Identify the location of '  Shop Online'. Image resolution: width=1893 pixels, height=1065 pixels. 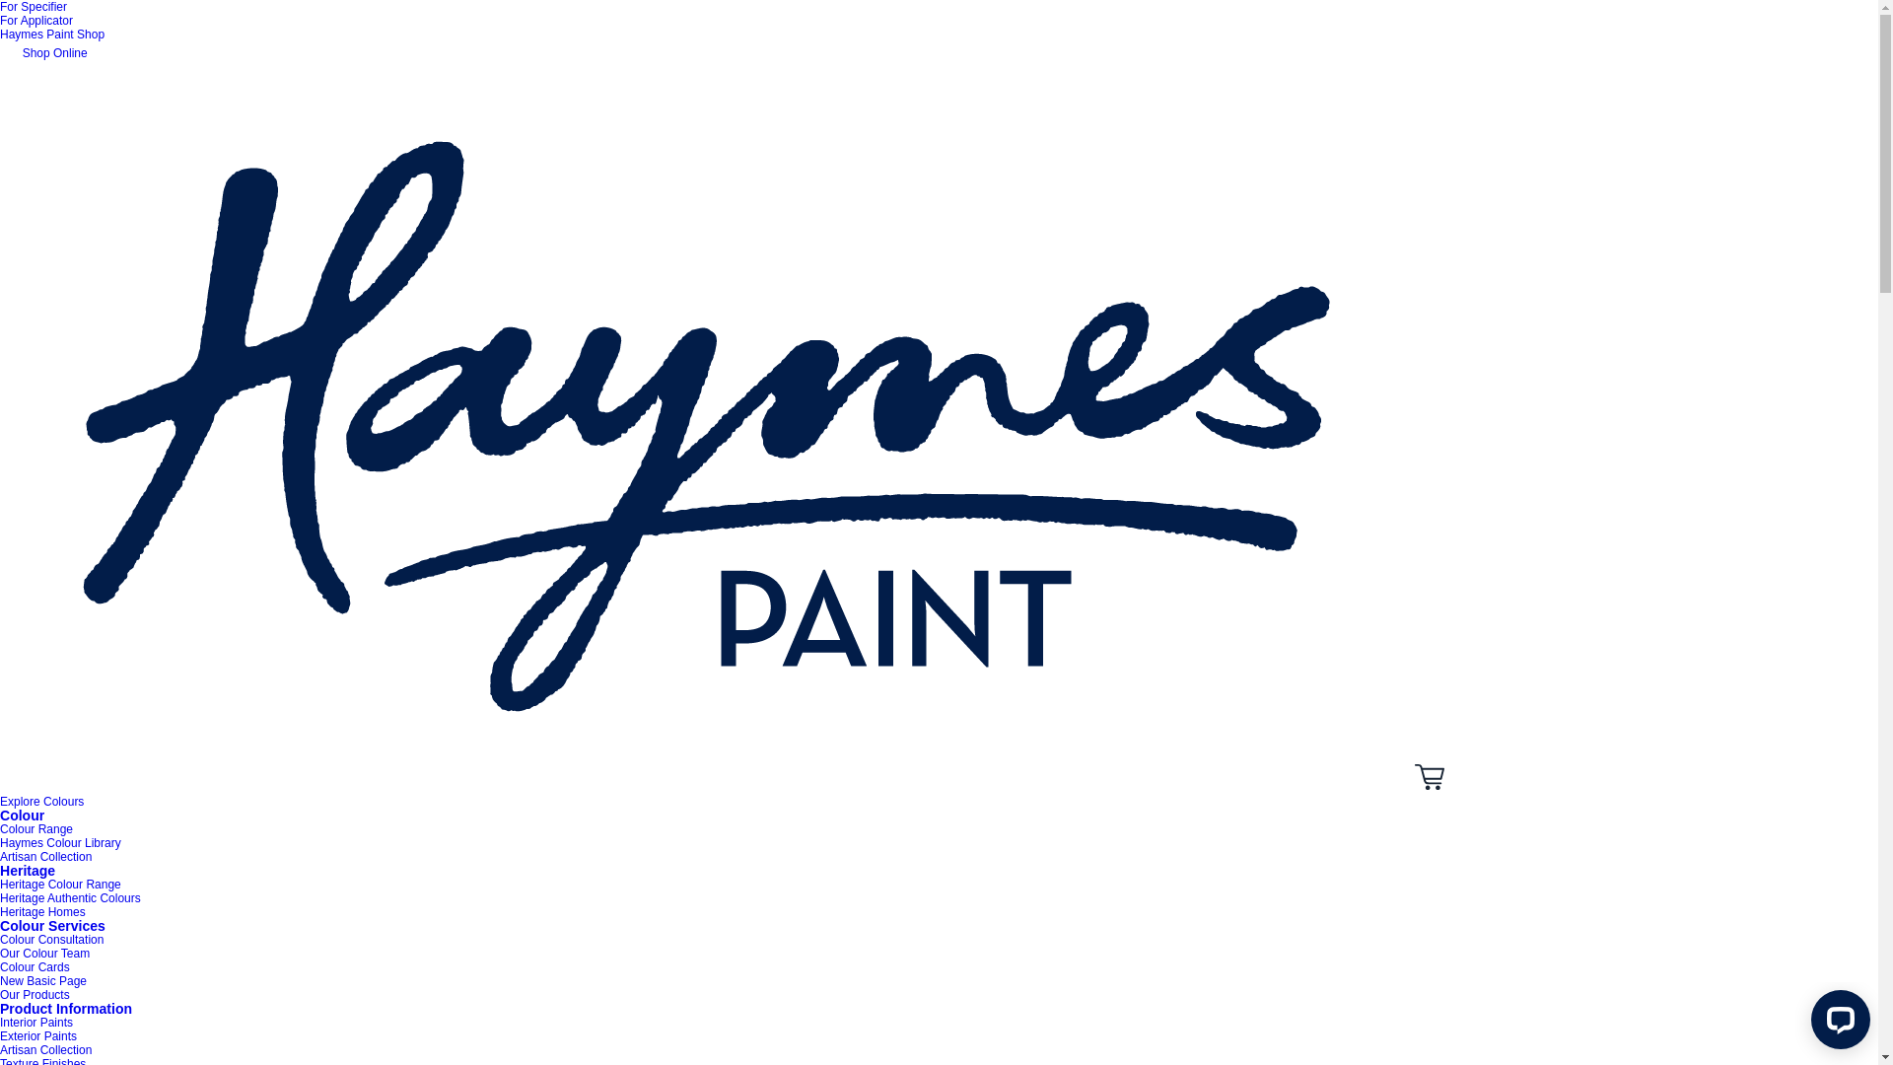
(0, 52).